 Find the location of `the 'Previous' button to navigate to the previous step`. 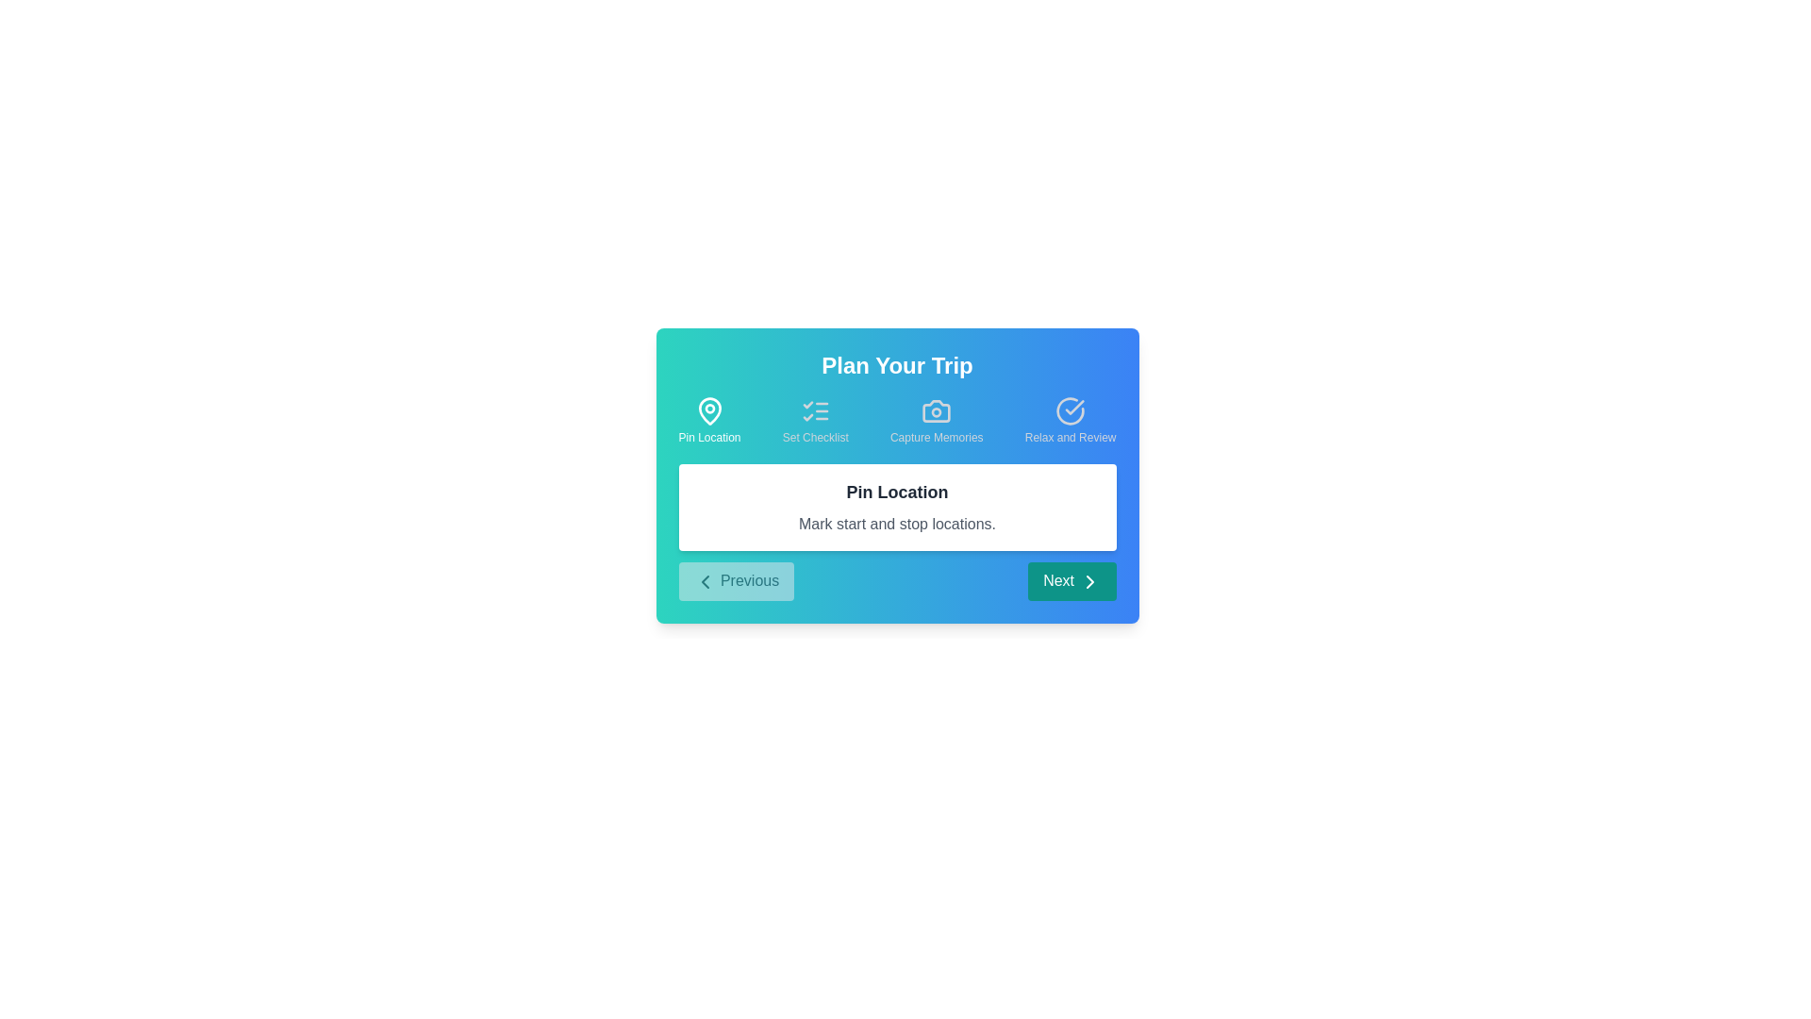

the 'Previous' button to navigate to the previous step is located at coordinates (735, 580).